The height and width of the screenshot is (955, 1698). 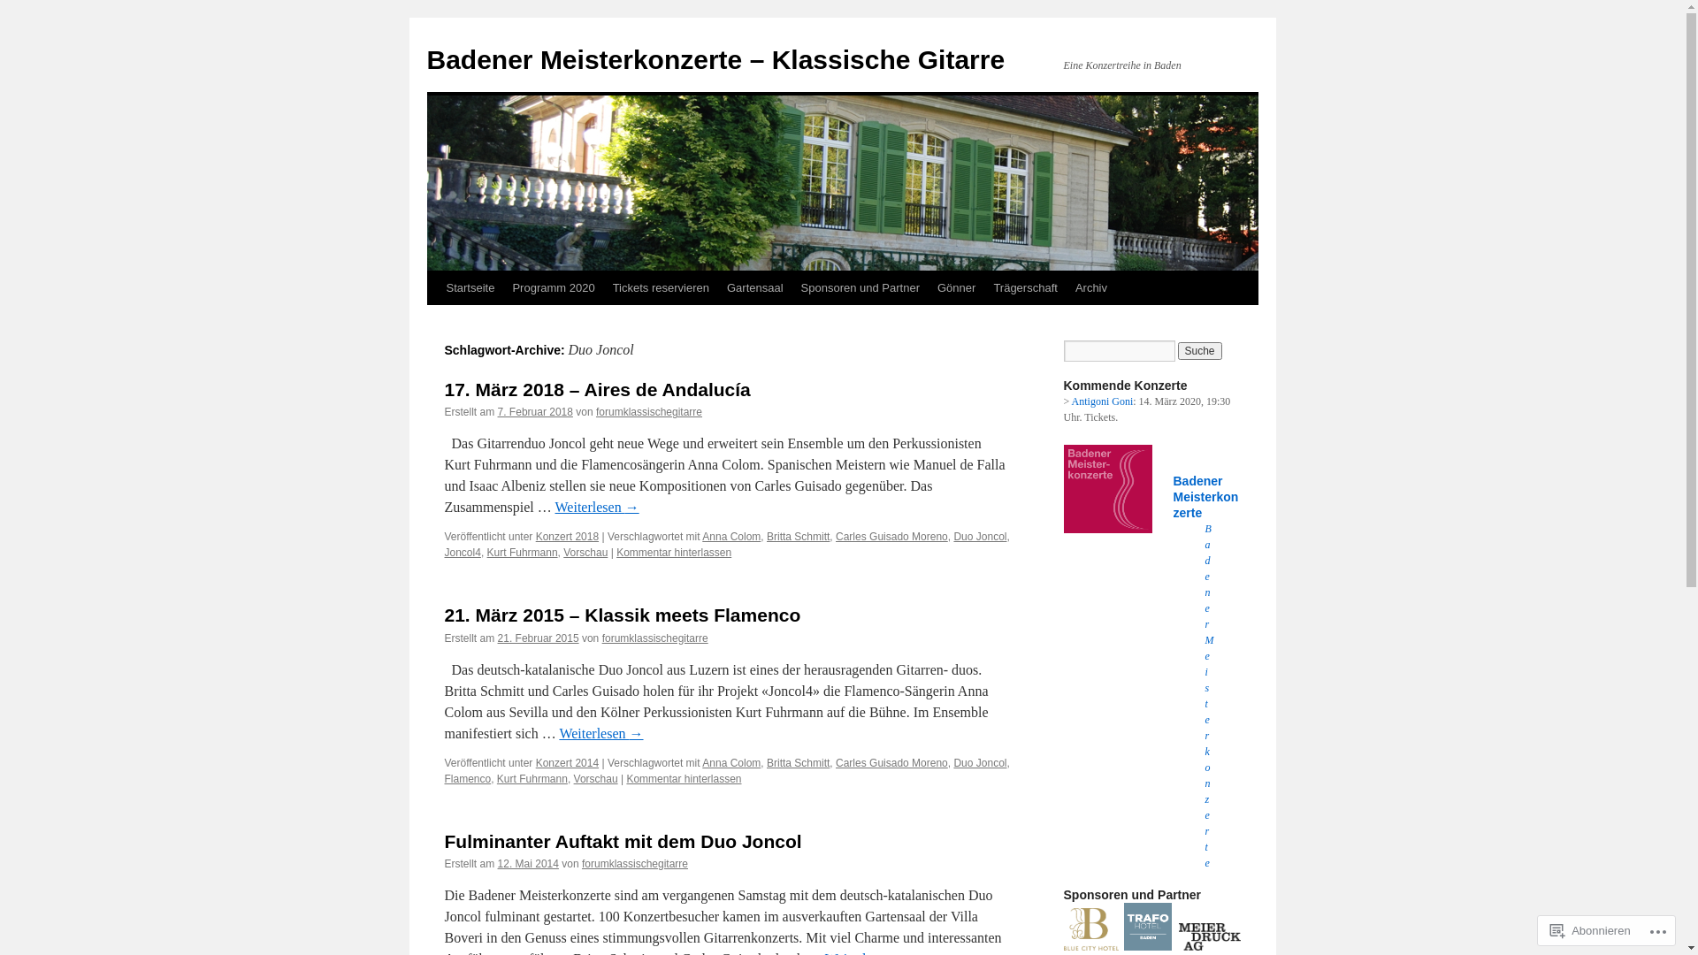 What do you see at coordinates (648, 412) in the screenshot?
I see `'forumklassischegitarre'` at bounding box center [648, 412].